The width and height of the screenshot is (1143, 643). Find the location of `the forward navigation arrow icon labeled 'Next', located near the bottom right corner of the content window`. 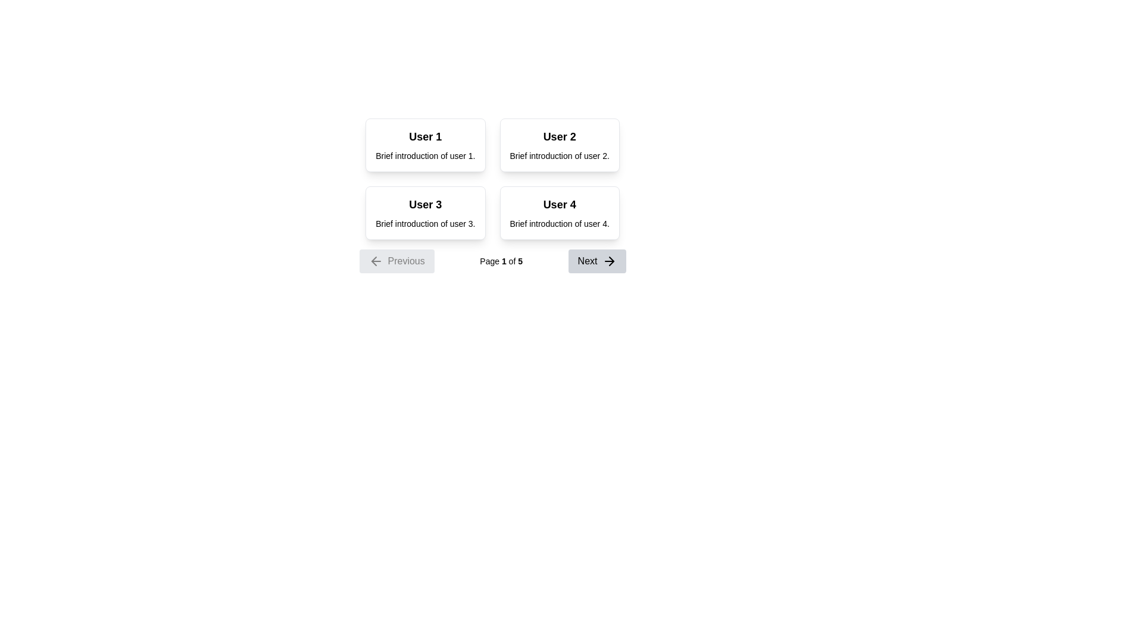

the forward navigation arrow icon labeled 'Next', located near the bottom right corner of the content window is located at coordinates (609, 261).